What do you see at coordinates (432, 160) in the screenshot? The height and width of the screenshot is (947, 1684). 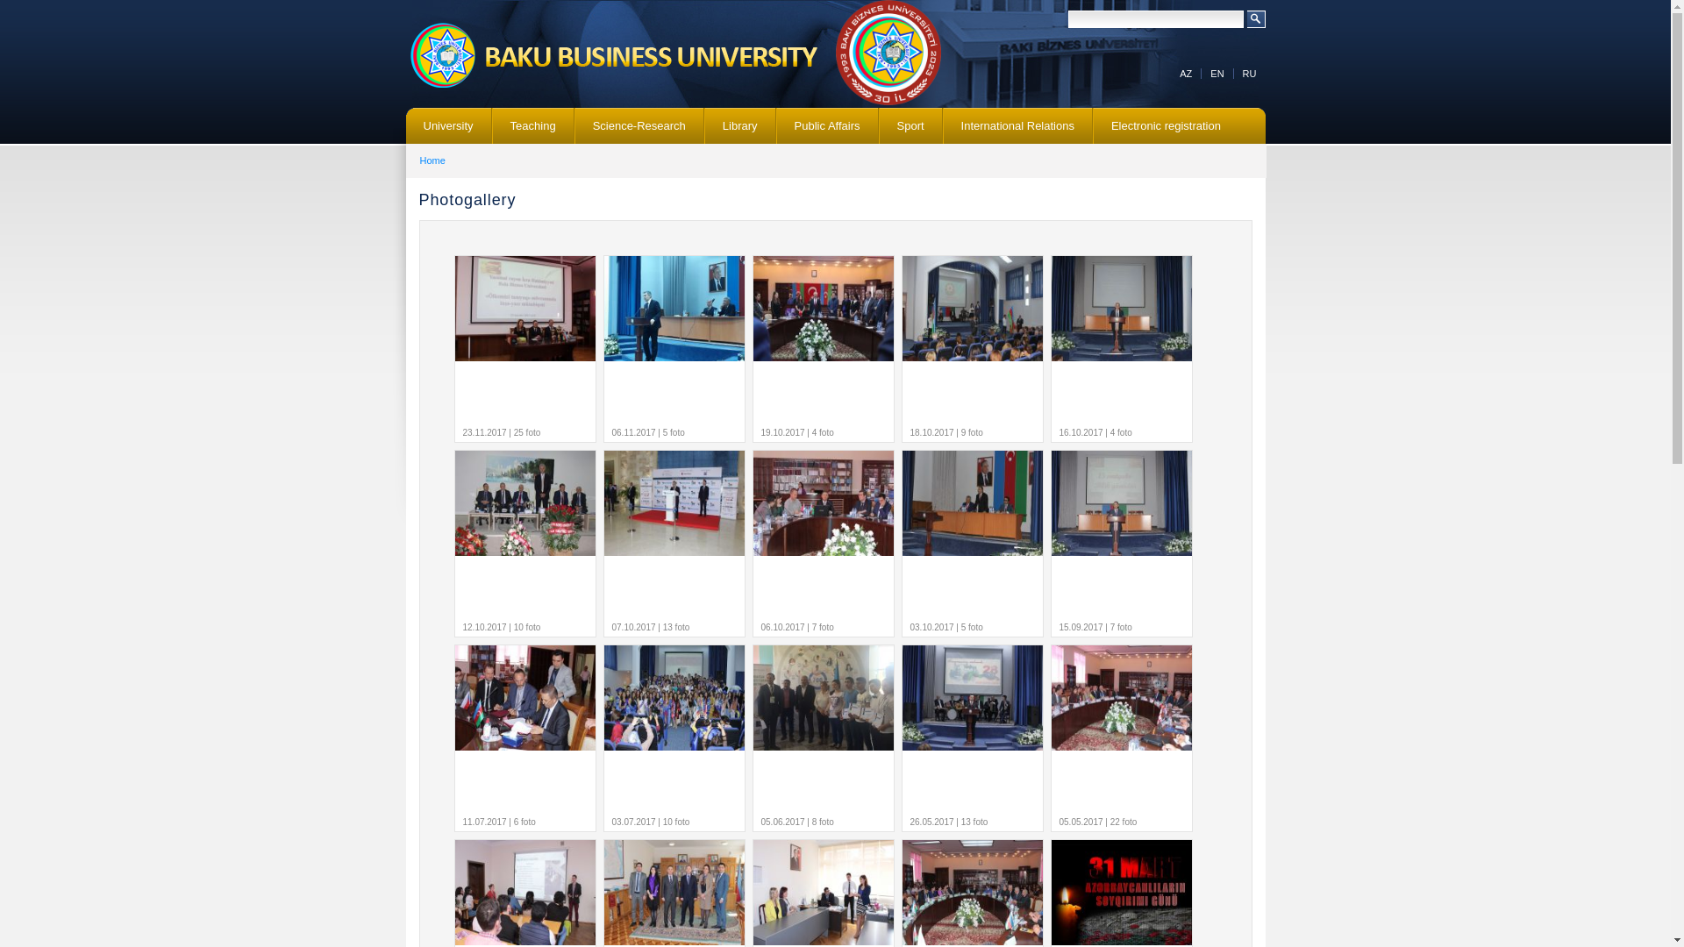 I see `'Home'` at bounding box center [432, 160].